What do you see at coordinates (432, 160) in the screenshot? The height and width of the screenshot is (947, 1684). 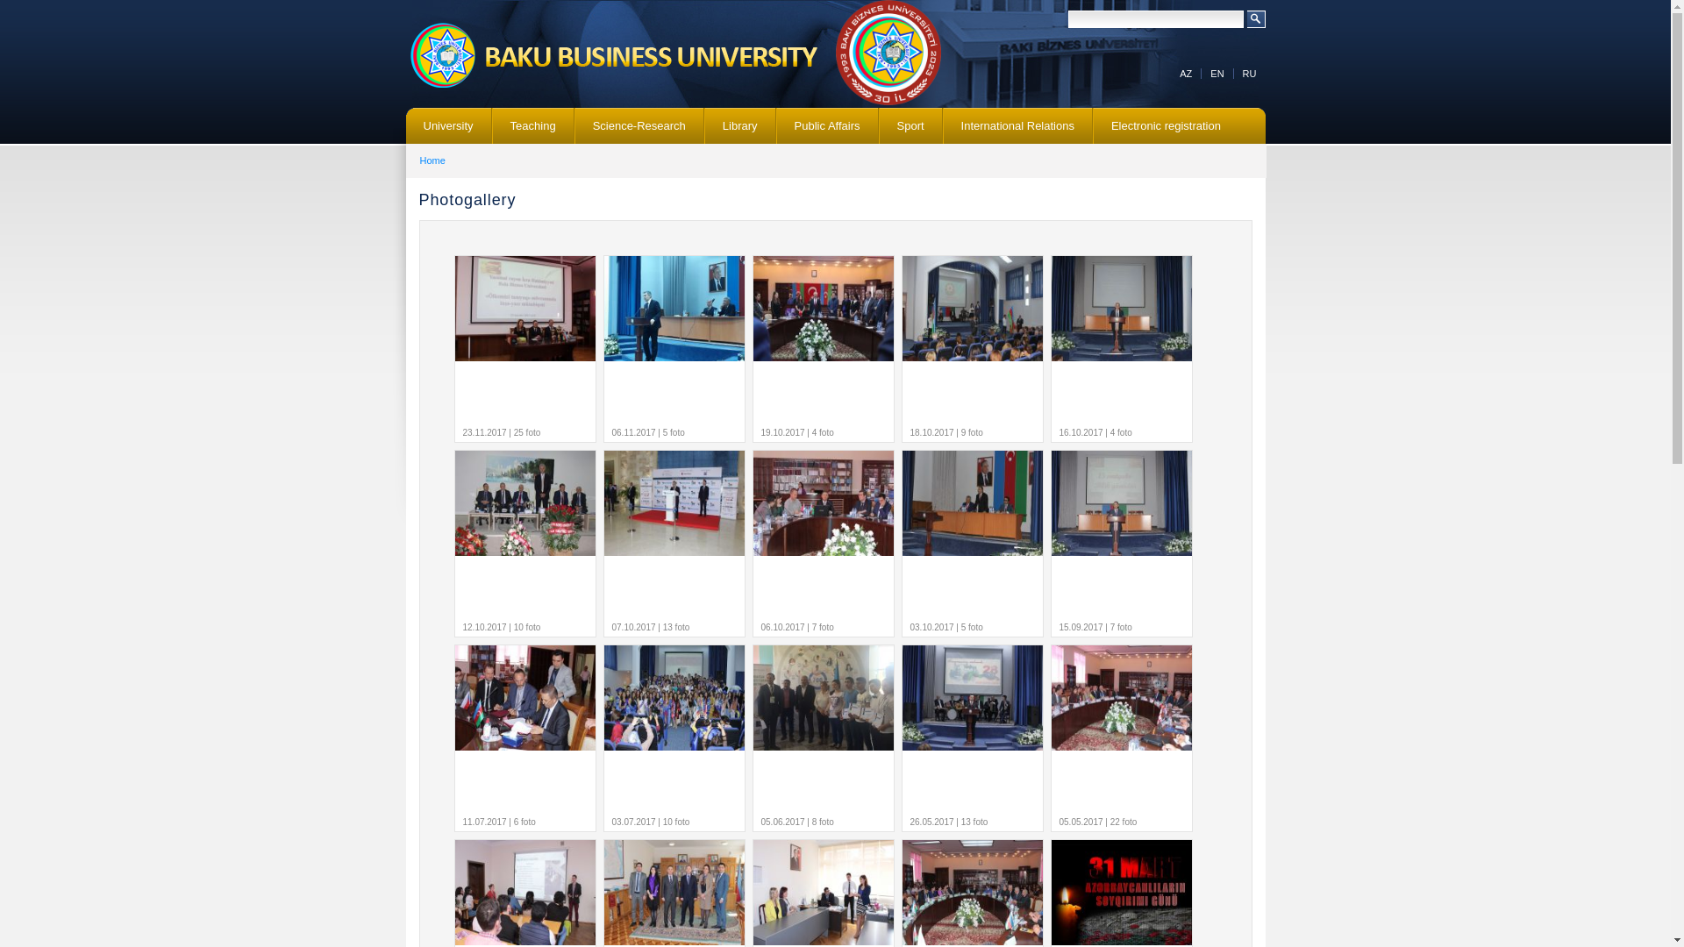 I see `'Home'` at bounding box center [432, 160].